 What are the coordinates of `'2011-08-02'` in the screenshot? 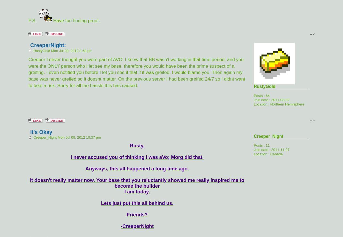 It's located at (280, 100).